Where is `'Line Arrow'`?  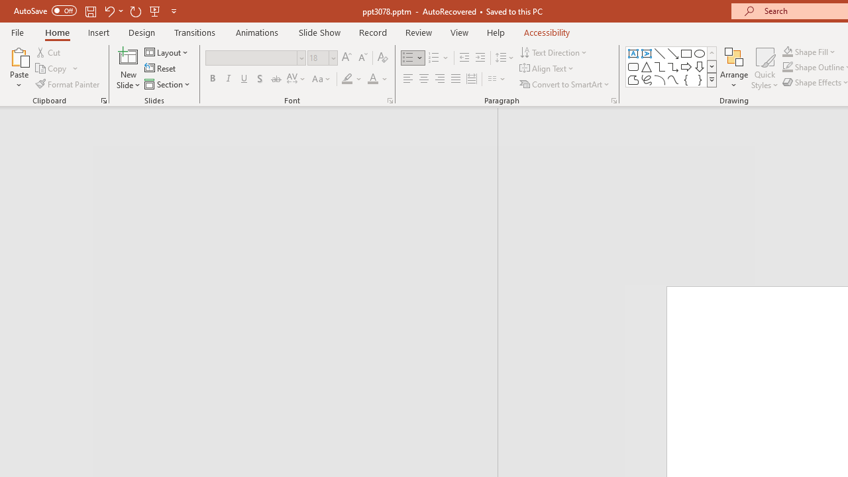
'Line Arrow' is located at coordinates (673, 53).